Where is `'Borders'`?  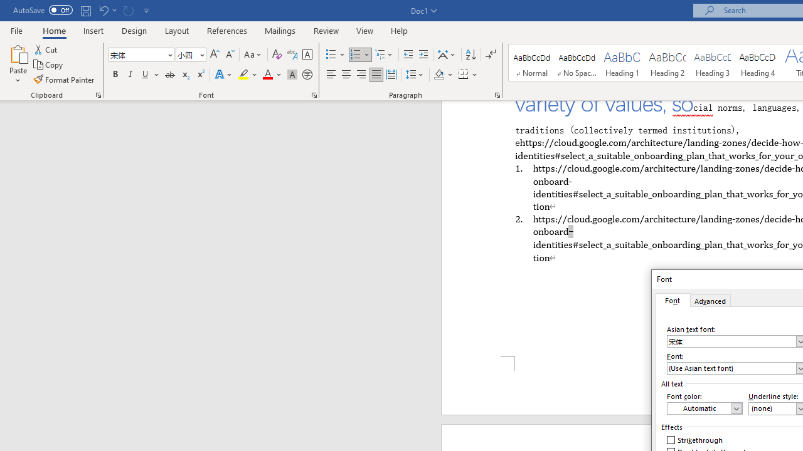
'Borders' is located at coordinates (467, 75).